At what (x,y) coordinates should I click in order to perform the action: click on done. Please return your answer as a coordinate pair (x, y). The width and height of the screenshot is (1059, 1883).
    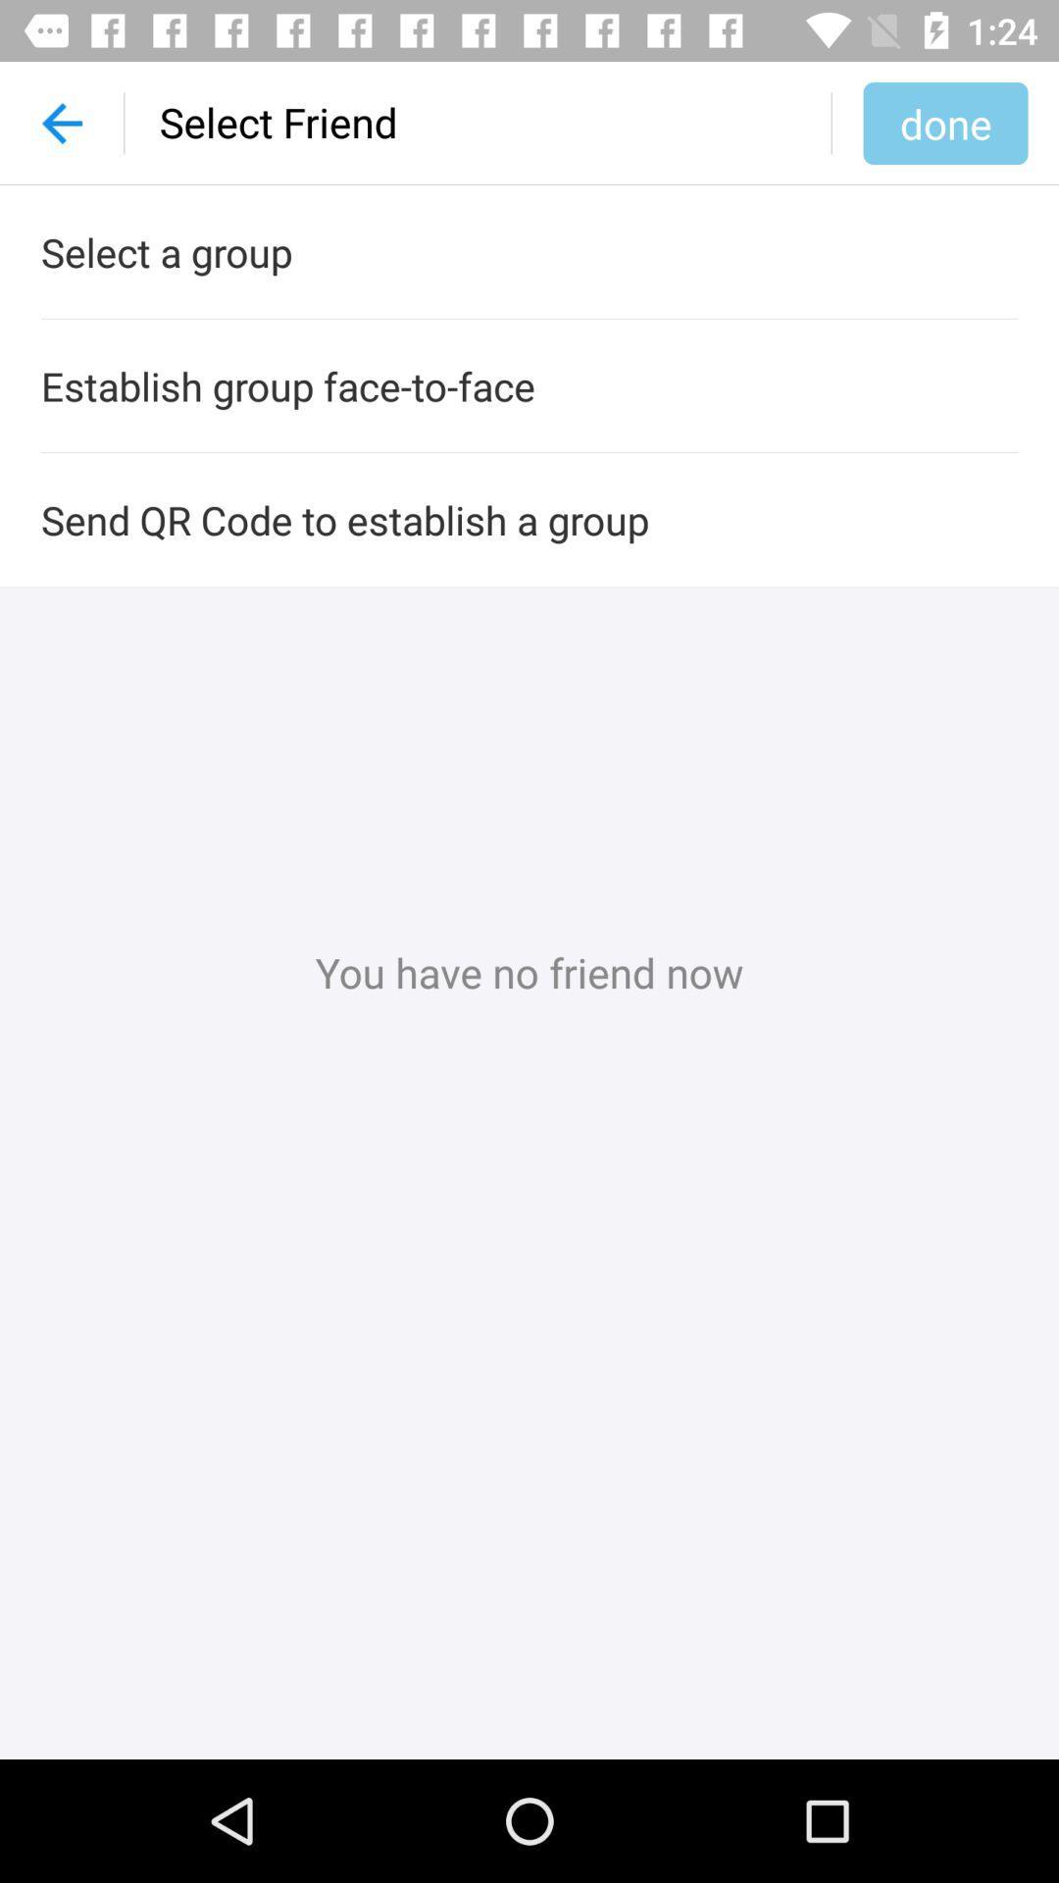
    Looking at the image, I should click on (944, 122).